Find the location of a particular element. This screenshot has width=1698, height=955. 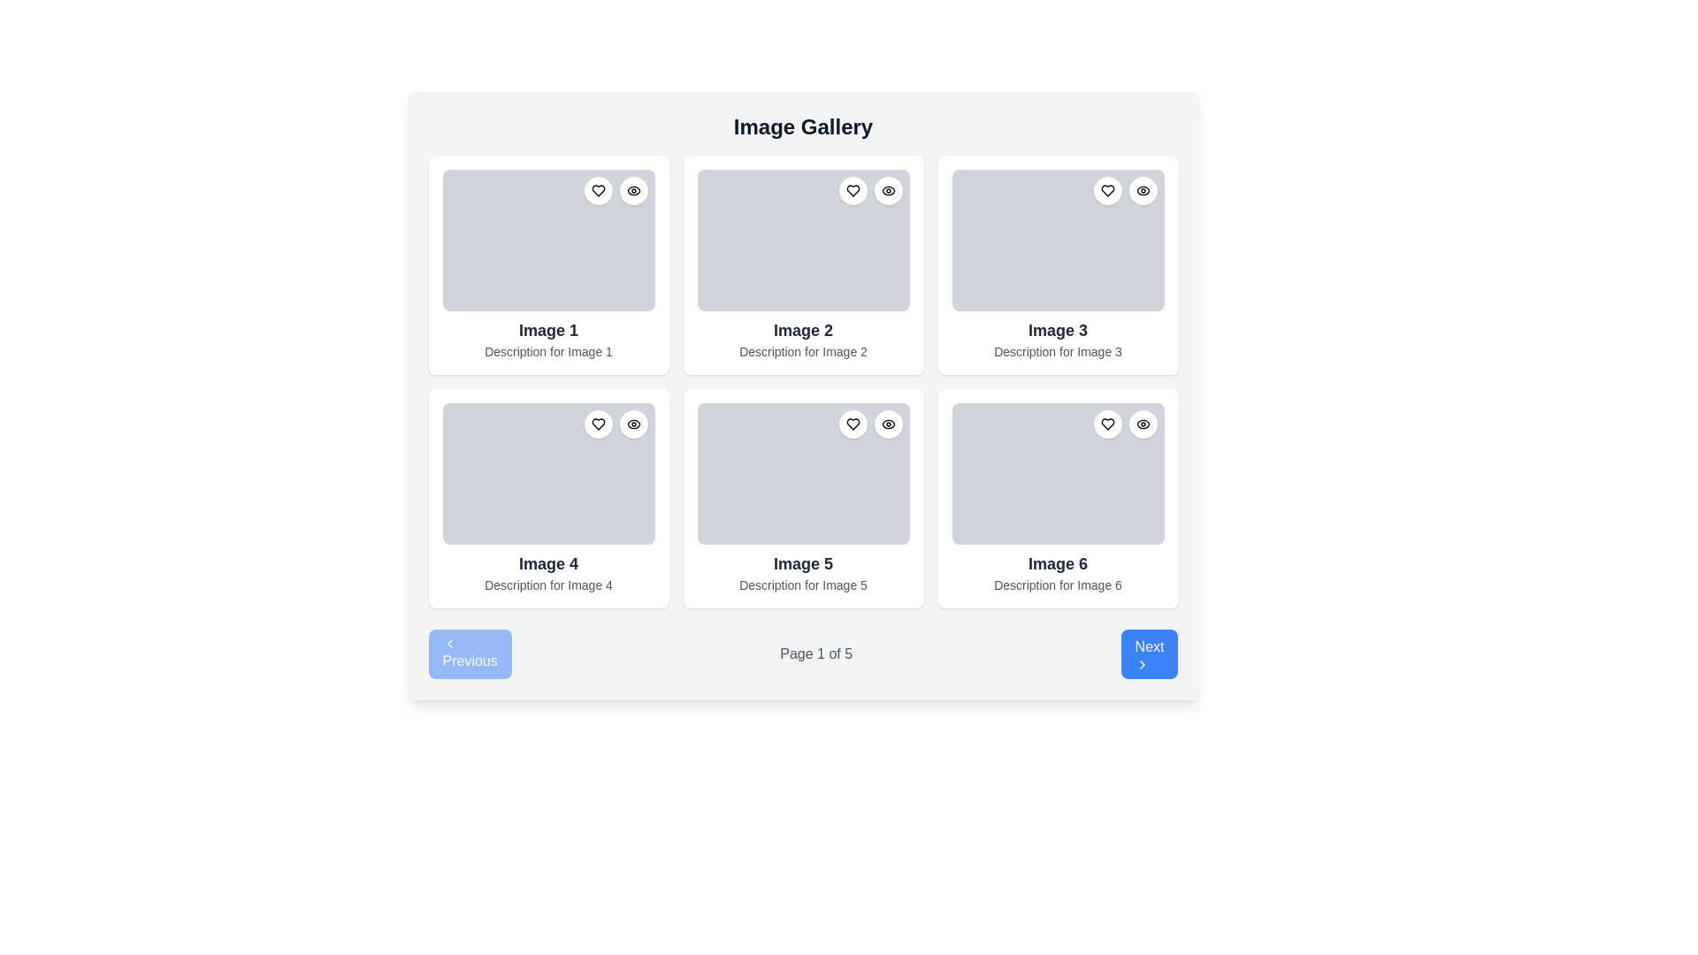

the minimalistic right-pointing arrow icon located within the 'Next' button at the bottom-right corner of the UI is located at coordinates (1142, 665).